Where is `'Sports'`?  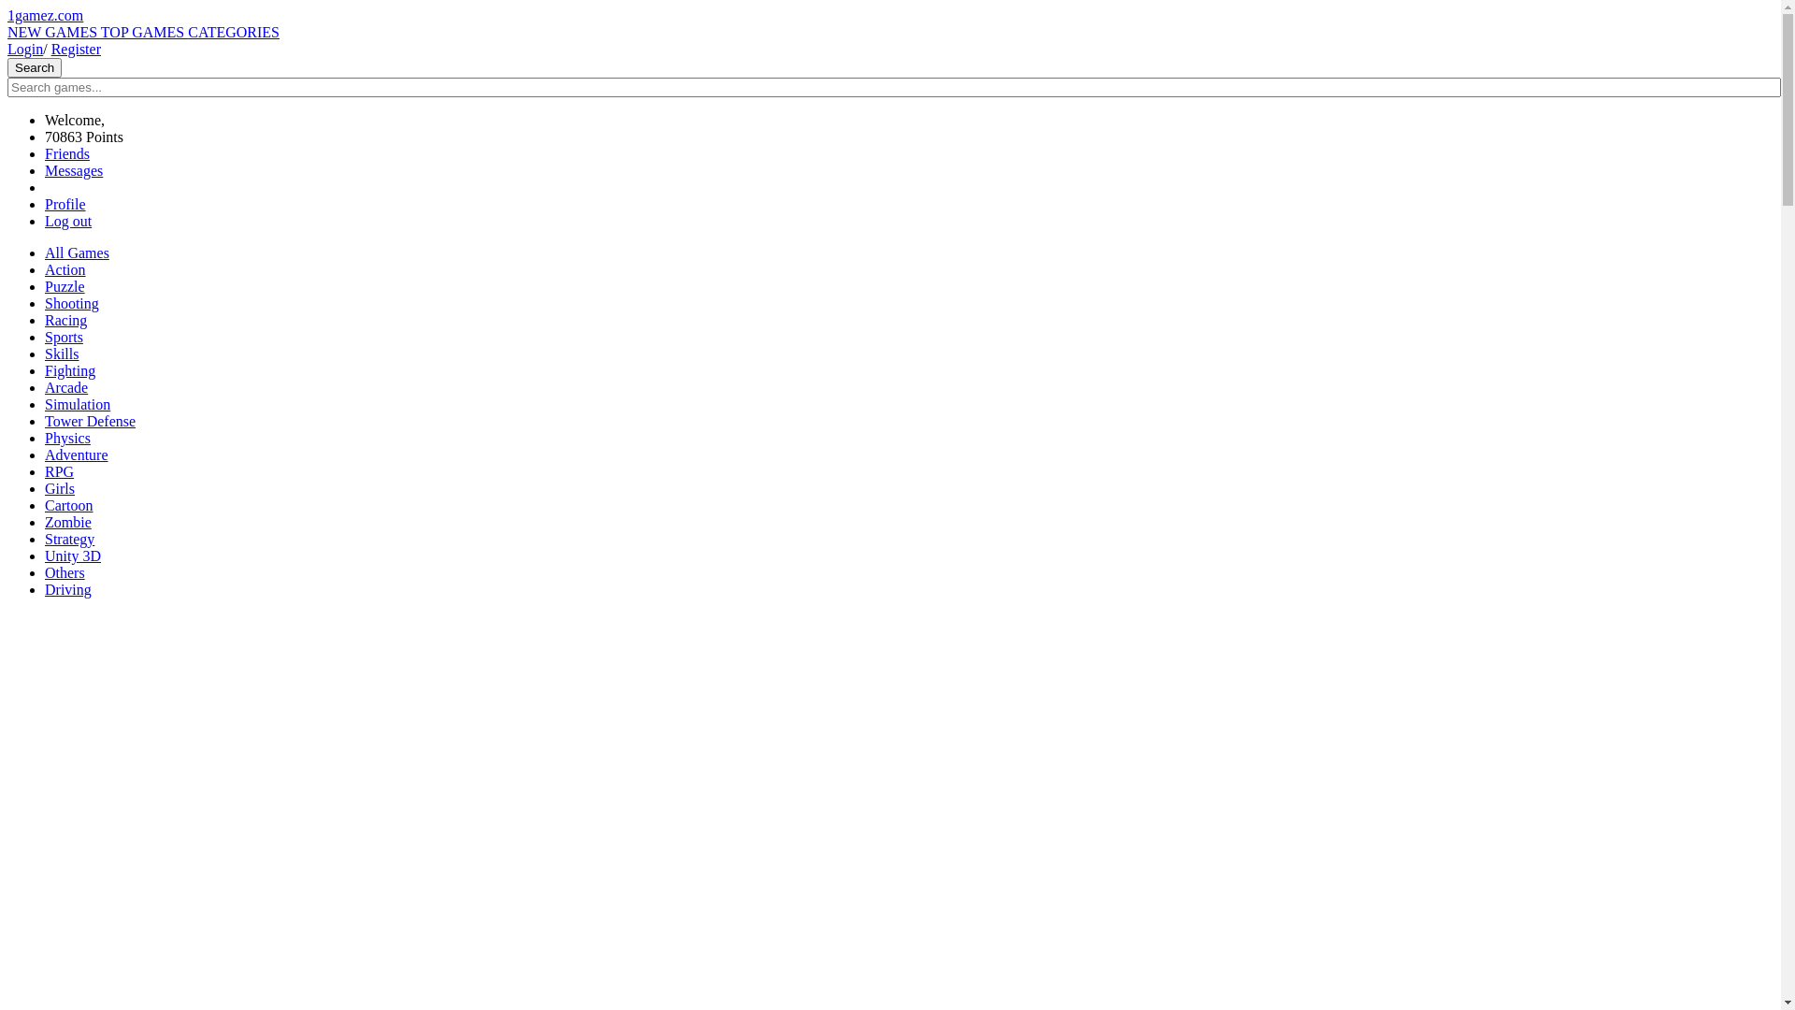
'Sports' is located at coordinates (64, 337).